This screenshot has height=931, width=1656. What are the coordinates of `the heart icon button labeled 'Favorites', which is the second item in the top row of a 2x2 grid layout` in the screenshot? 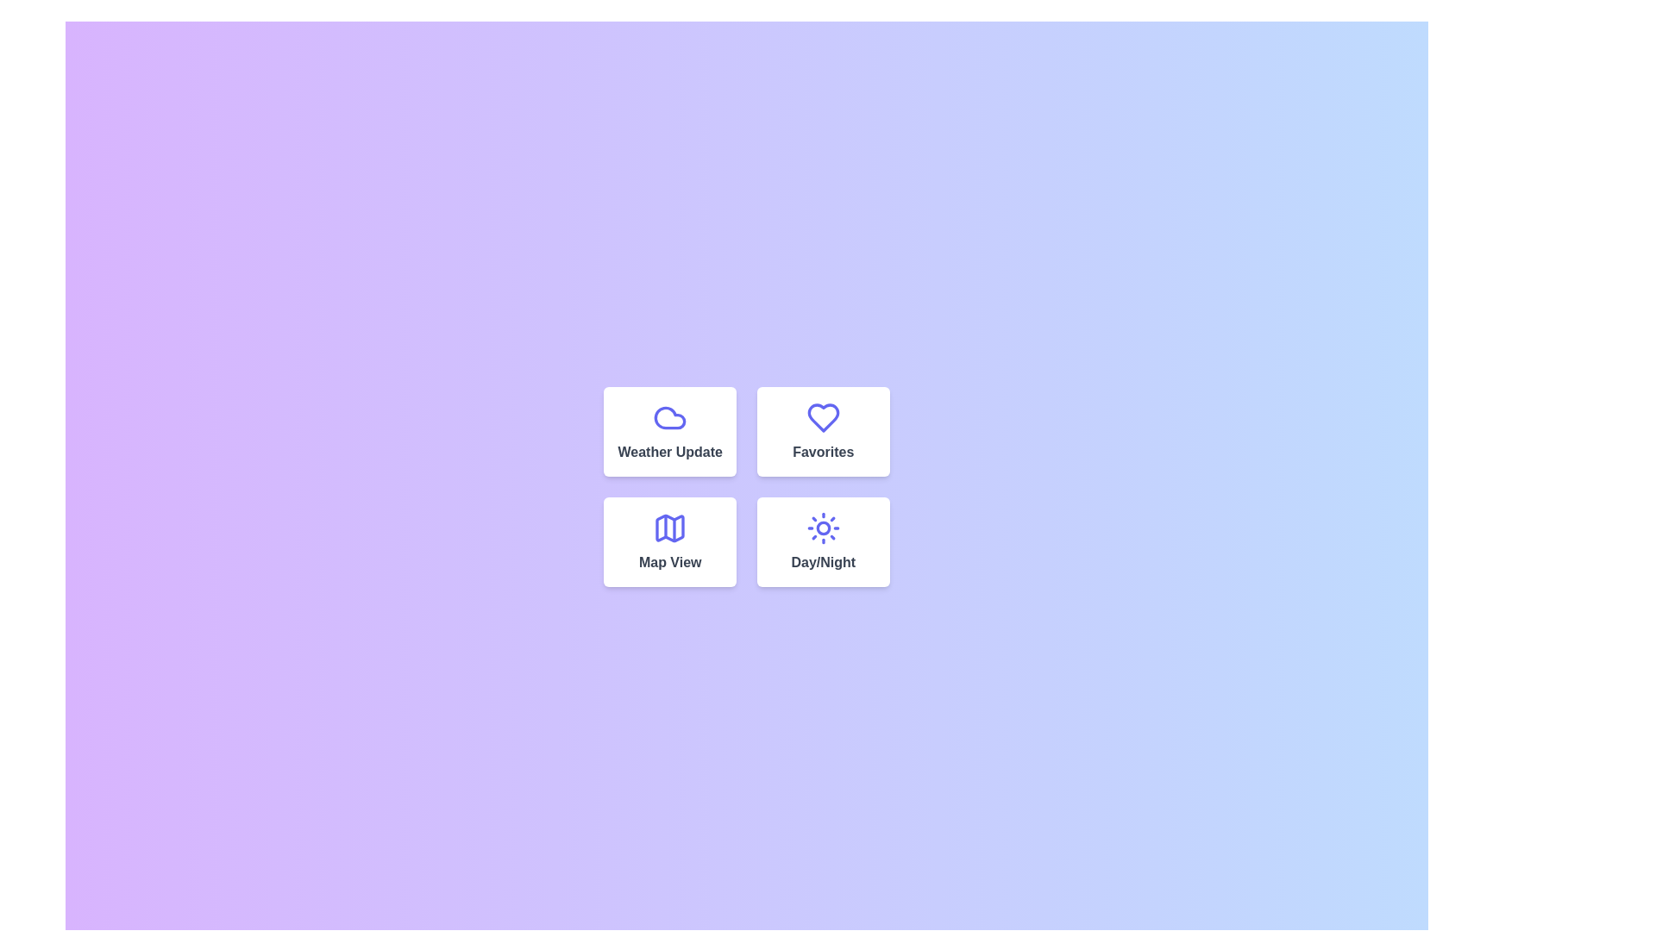 It's located at (822, 431).